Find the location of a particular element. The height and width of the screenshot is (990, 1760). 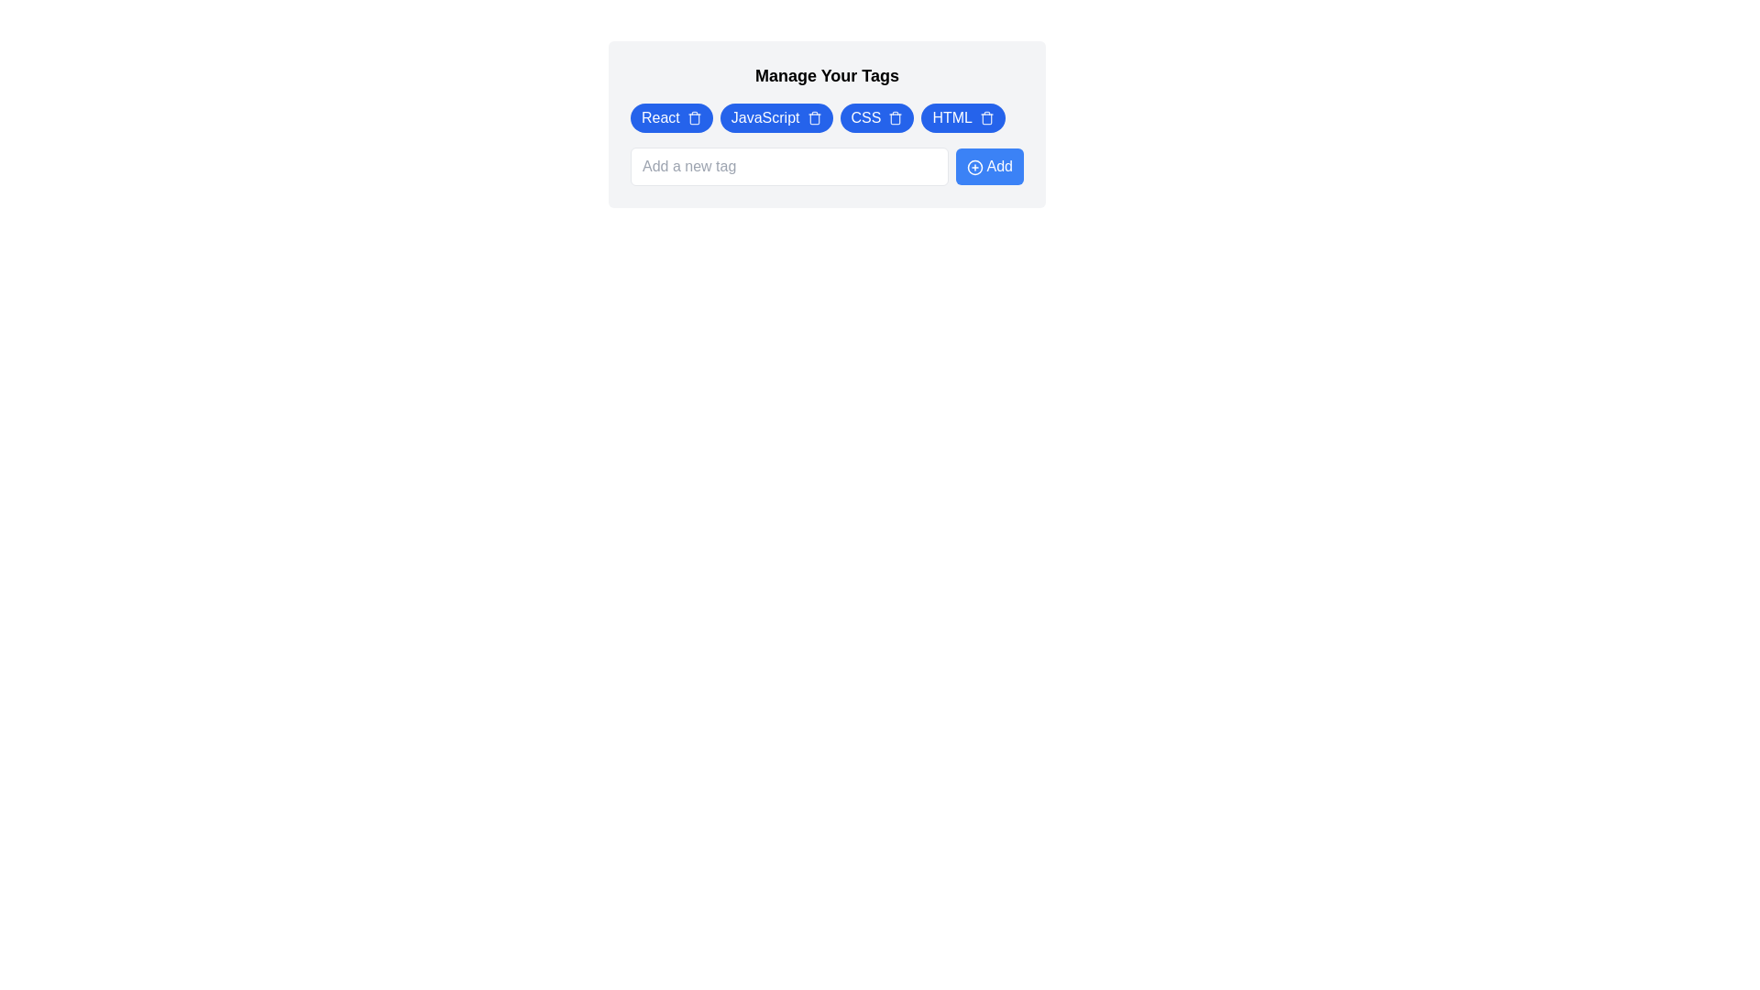

the delete icon adjacent to the selected 'CSS' tag is located at coordinates (875, 117).